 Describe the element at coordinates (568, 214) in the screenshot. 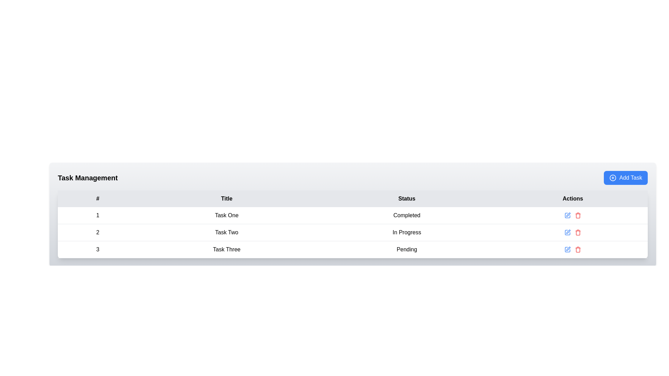

I see `the editing icon in the 'Actions' column of the third row in the table` at that location.